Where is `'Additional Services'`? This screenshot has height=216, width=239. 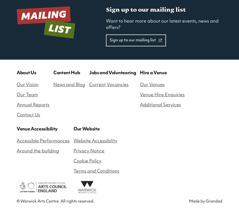 'Additional Services' is located at coordinates (160, 104).